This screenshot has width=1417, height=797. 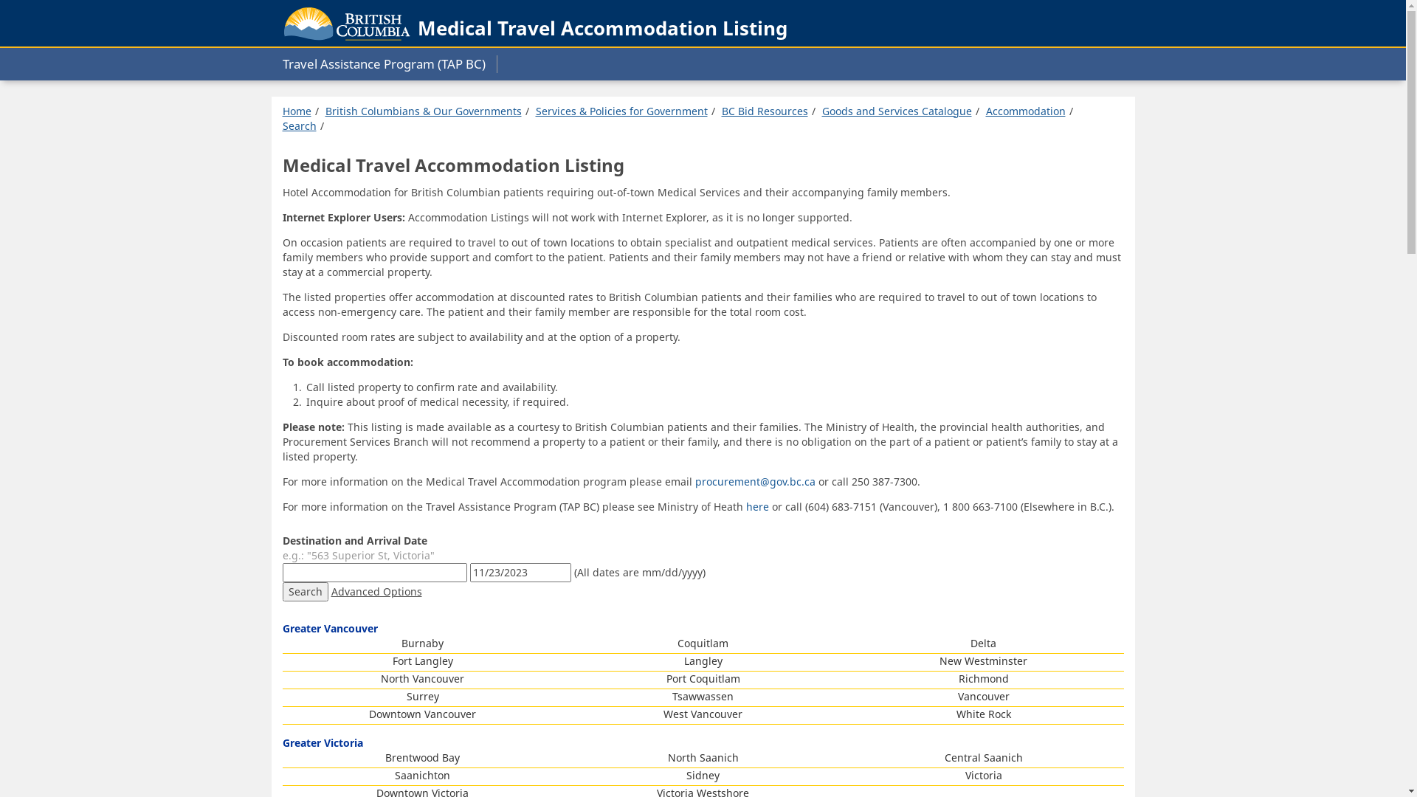 I want to click on 'White Rock', so click(x=984, y=713).